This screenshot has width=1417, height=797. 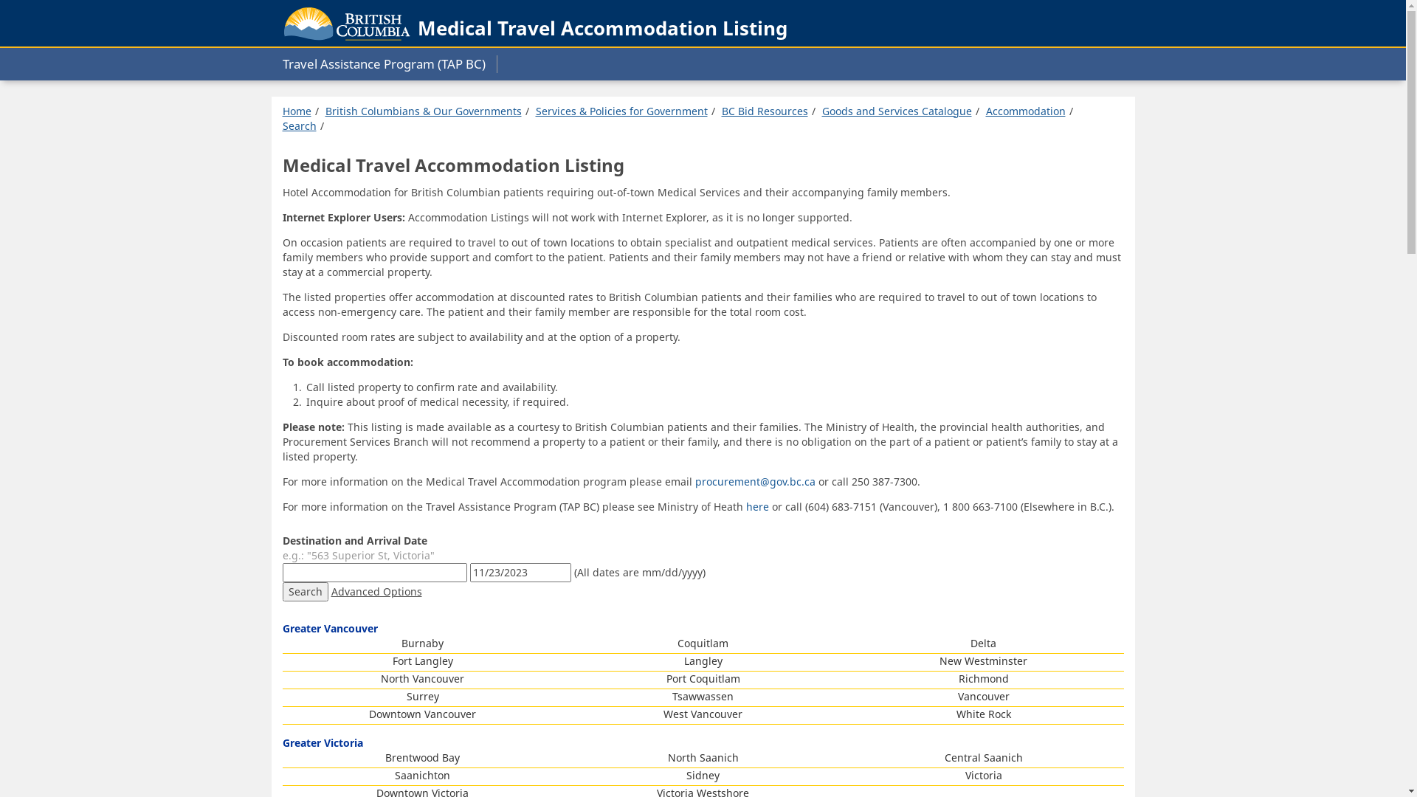 I want to click on 'White Rock', so click(x=984, y=713).